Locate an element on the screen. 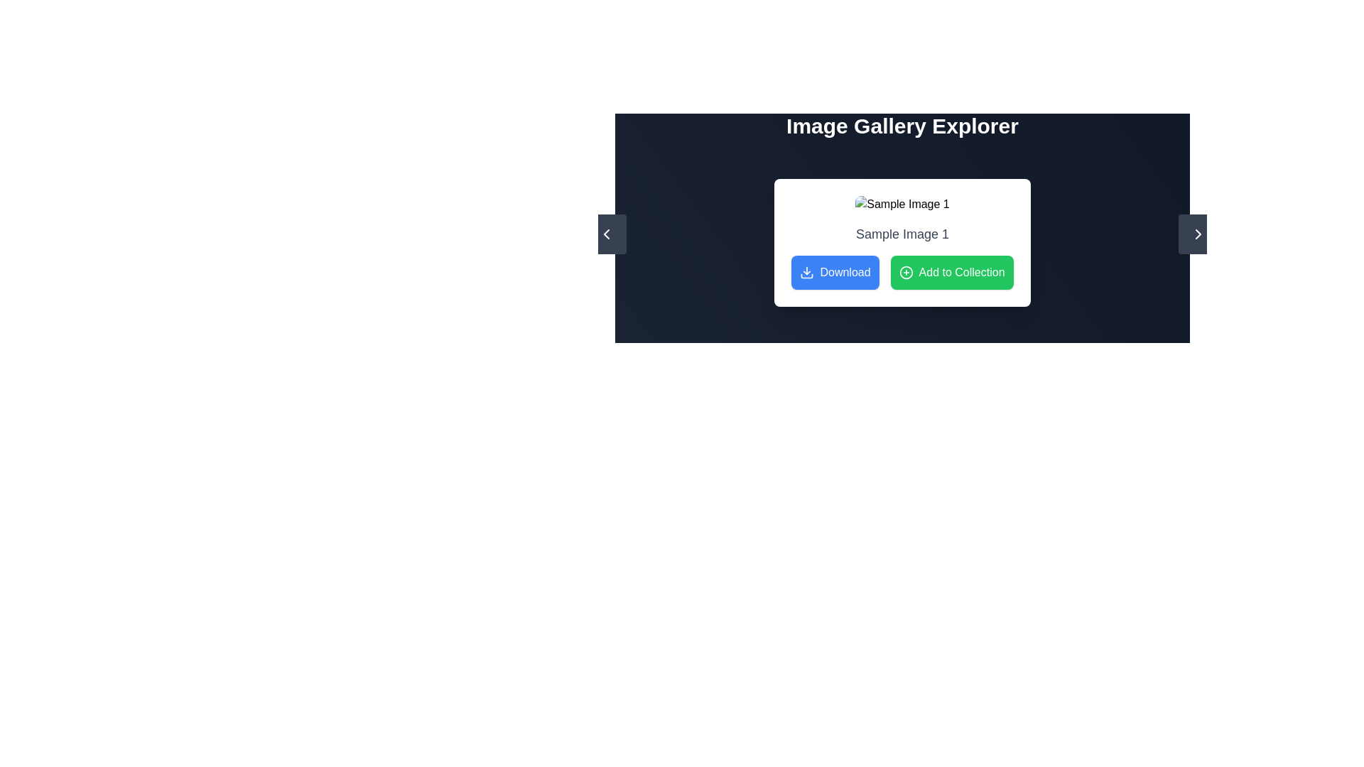  the 'Add to Collection' button, which is a green rectangular button with white rounded corners and contains the text label 'Add to Collection' is located at coordinates (952, 273).